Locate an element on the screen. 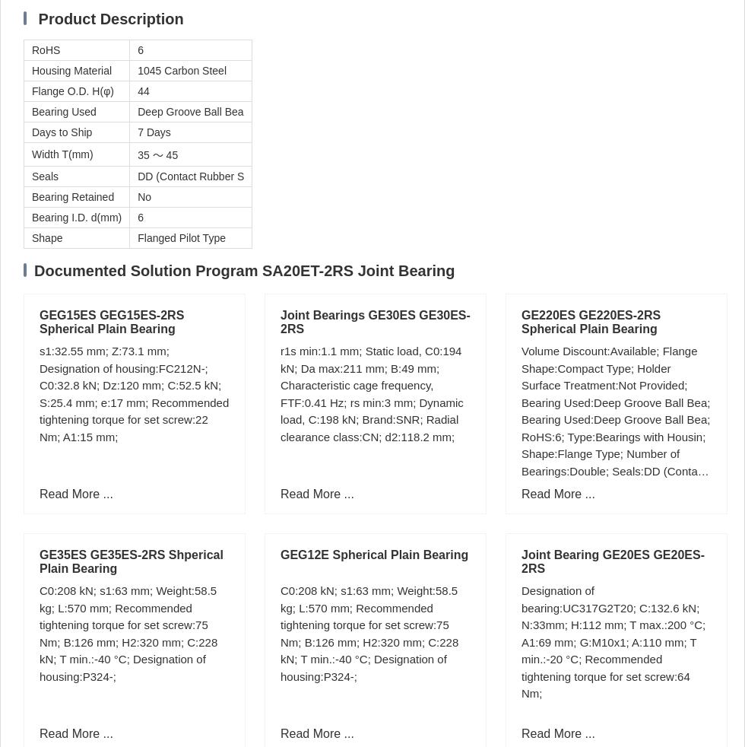 The image size is (745, 747). 'Bearing I.D. d(mm)' is located at coordinates (32, 217).